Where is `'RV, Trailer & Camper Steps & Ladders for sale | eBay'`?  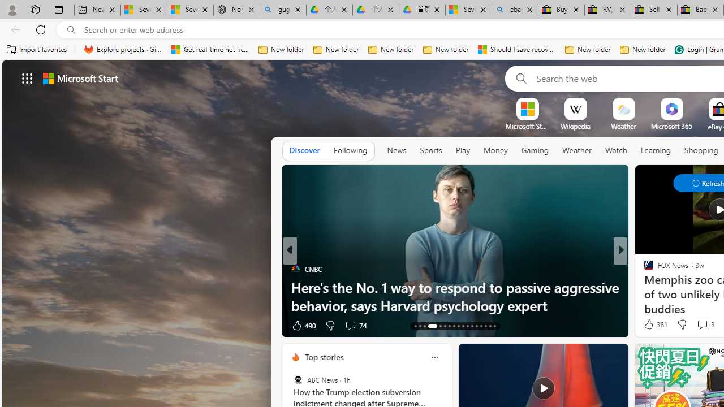 'RV, Trailer & Camper Steps & Ladders for sale | eBay' is located at coordinates (607, 10).